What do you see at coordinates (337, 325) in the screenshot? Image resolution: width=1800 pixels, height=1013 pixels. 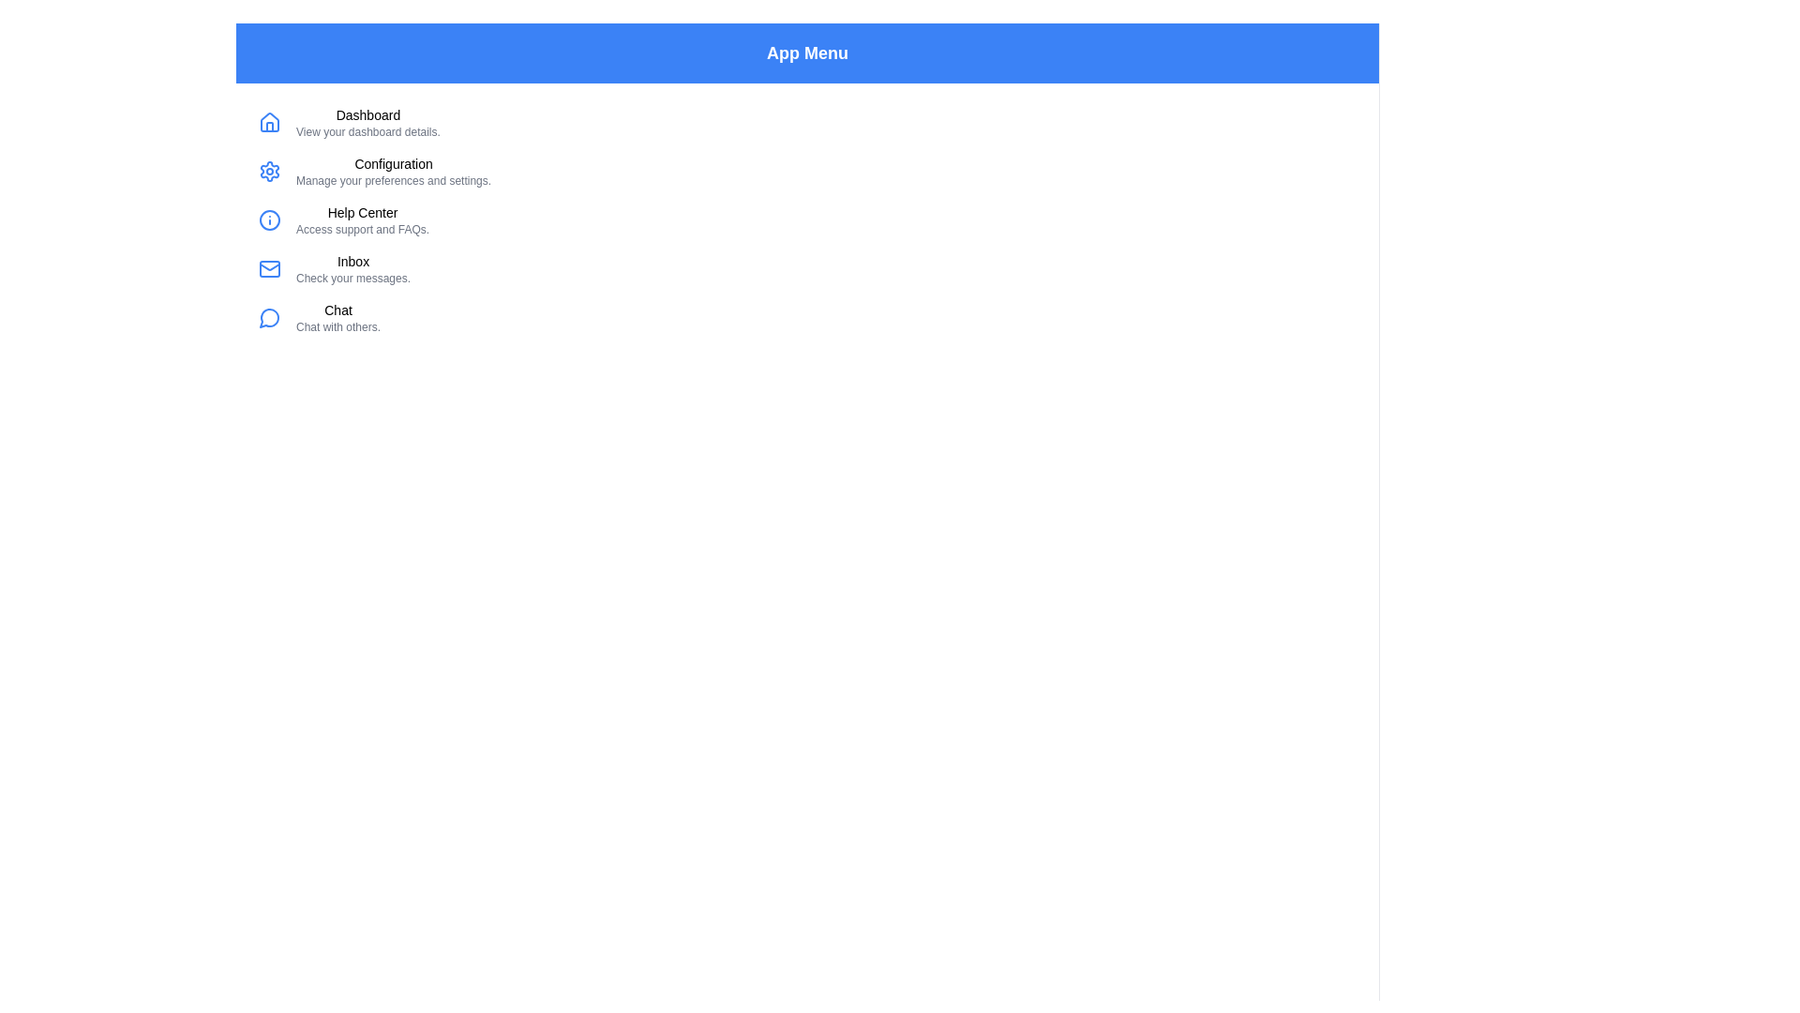 I see `text label that says 'Chat with others.' styled in a small, light gray font, located below the 'Chat' label in the left-aligned vertical navigation menu` at bounding box center [337, 325].